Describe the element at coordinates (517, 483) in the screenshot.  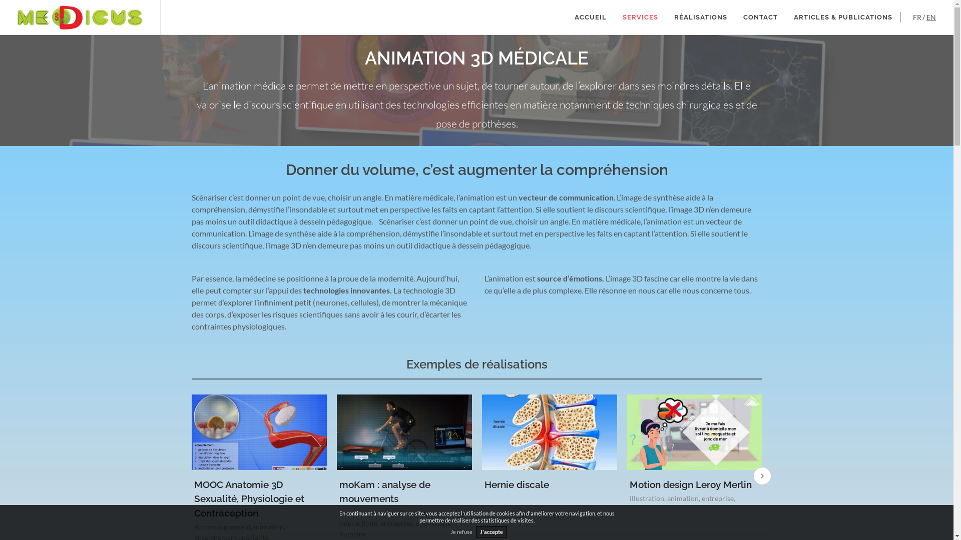
I see `'Hernie discale'` at that location.